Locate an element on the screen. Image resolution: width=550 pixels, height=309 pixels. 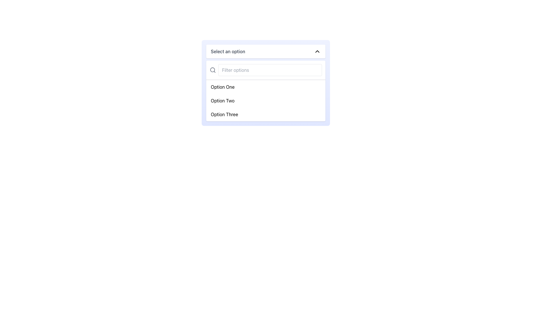
the dropdown option list directly below the 'Select an option' dropdown is located at coordinates (265, 90).